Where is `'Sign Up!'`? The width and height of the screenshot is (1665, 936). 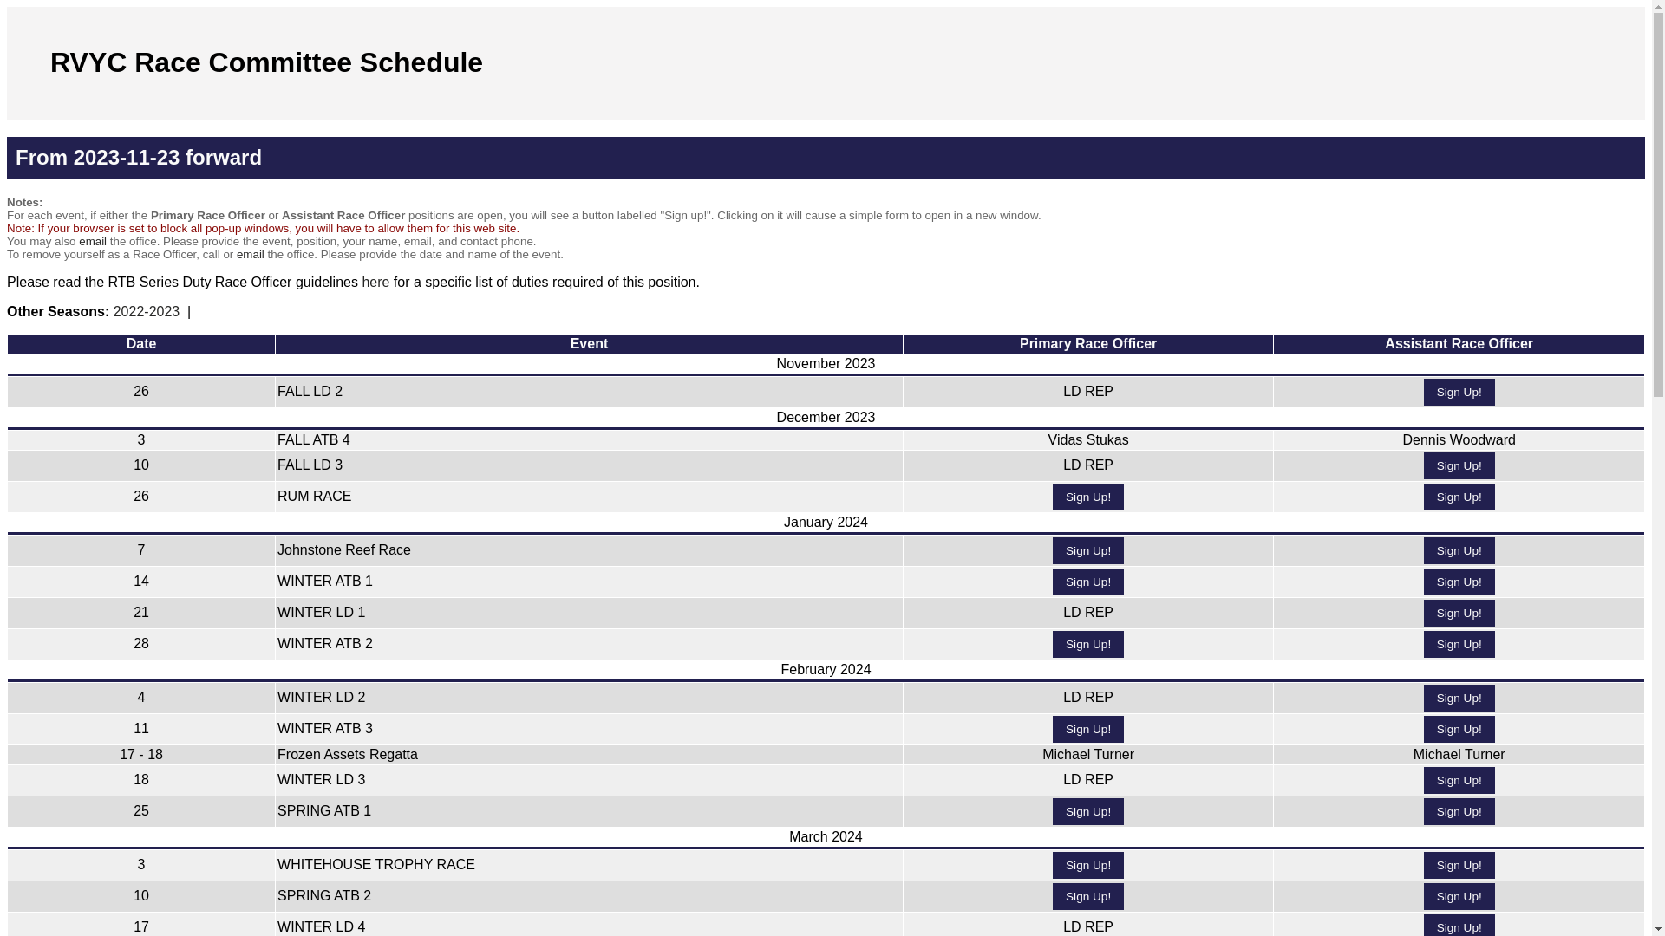 'Sign Up!' is located at coordinates (1087, 497).